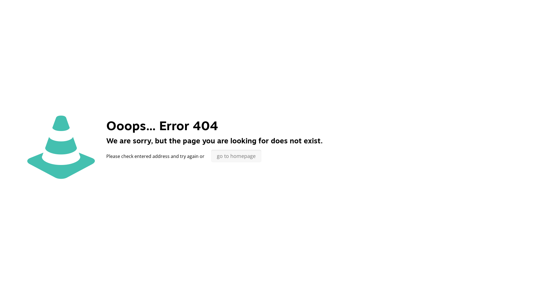 The width and height of the screenshot is (540, 303). Describe the element at coordinates (211, 156) in the screenshot. I see `'go to homepage'` at that location.